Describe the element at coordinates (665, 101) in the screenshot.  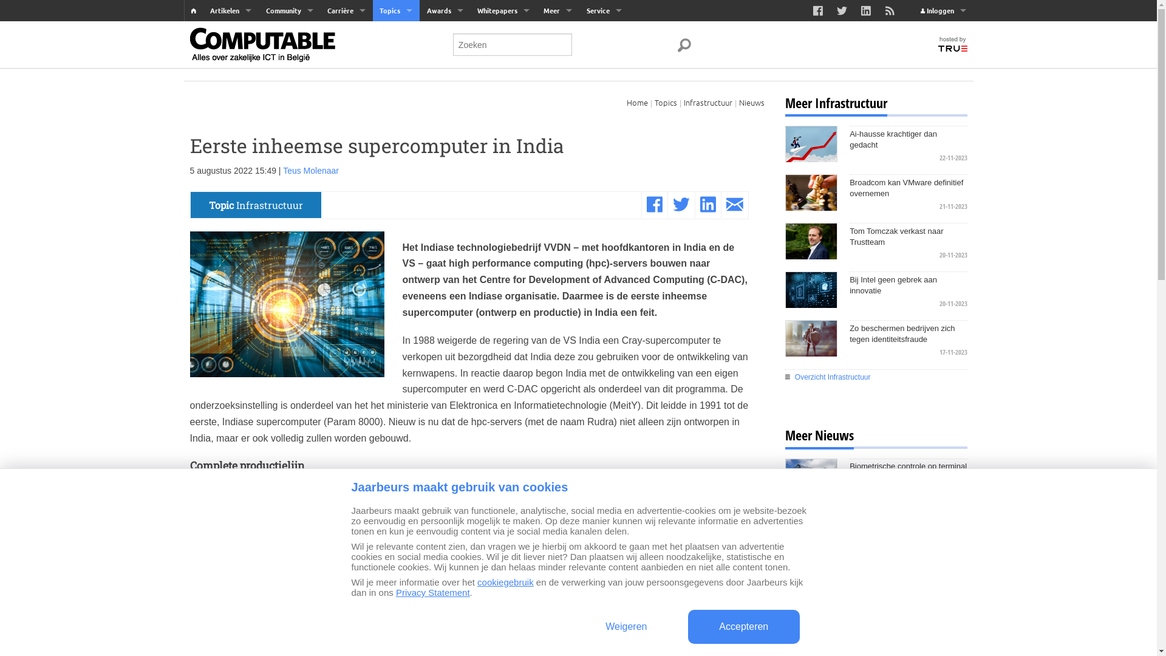
I see `'Topics'` at that location.